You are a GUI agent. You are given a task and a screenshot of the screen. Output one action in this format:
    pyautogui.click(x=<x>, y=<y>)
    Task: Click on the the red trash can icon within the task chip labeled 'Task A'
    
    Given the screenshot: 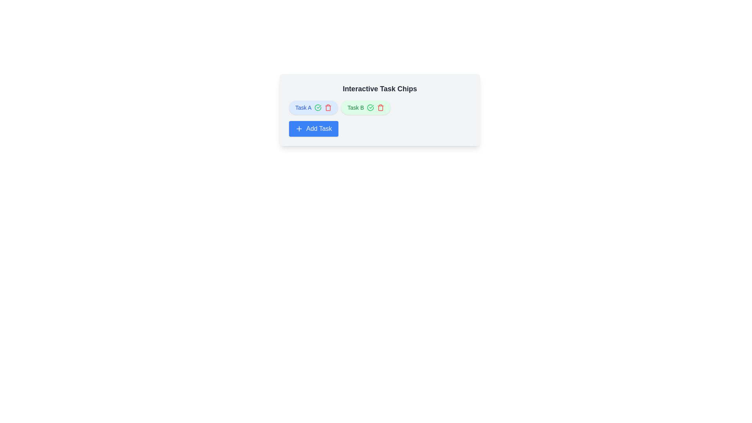 What is the action you would take?
    pyautogui.click(x=328, y=107)
    